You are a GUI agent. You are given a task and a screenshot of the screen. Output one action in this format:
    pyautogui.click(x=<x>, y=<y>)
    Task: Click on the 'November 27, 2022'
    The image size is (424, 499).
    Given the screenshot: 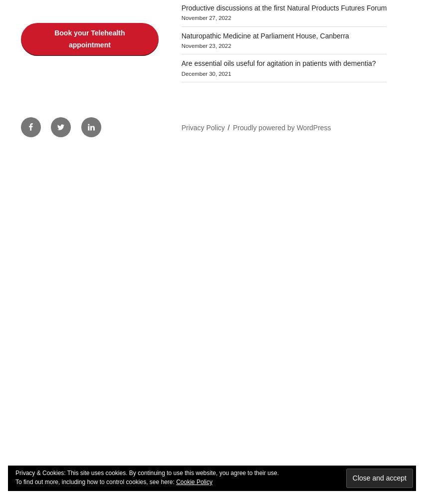 What is the action you would take?
    pyautogui.click(x=181, y=18)
    